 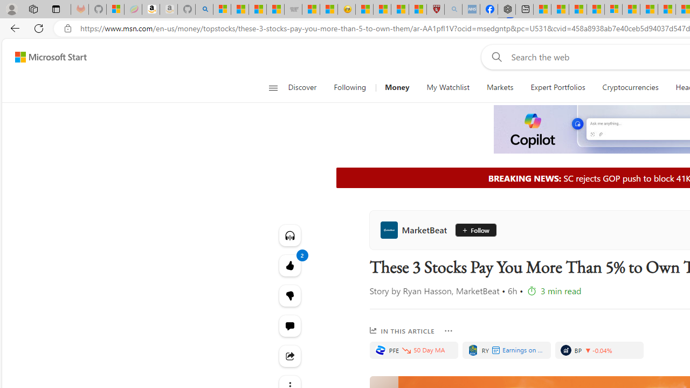 I want to click on 'MarketBeat', so click(x=415, y=229).